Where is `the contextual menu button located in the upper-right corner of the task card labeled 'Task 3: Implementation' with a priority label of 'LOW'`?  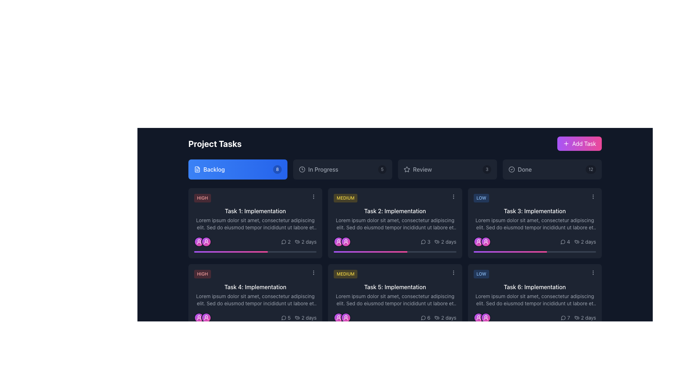 the contextual menu button located in the upper-right corner of the task card labeled 'Task 3: Implementation' with a priority label of 'LOW' is located at coordinates (593, 196).